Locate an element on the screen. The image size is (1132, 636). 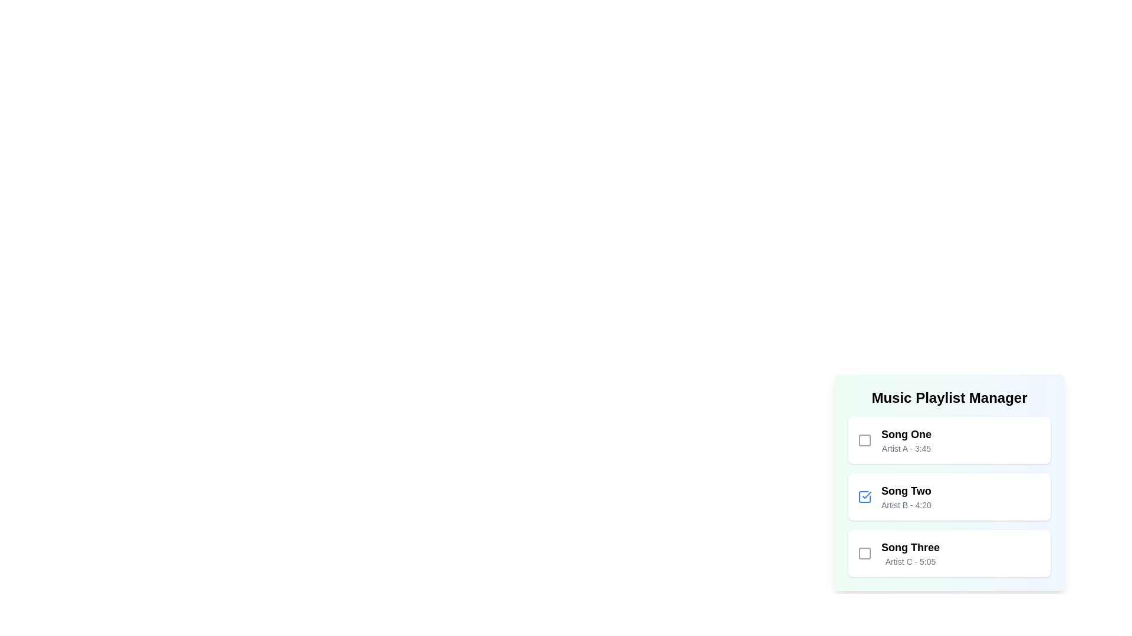
the small rounded square checkbox located near the item labeled 'Song Three' in the Music Playlist Manager interface is located at coordinates (865, 554).